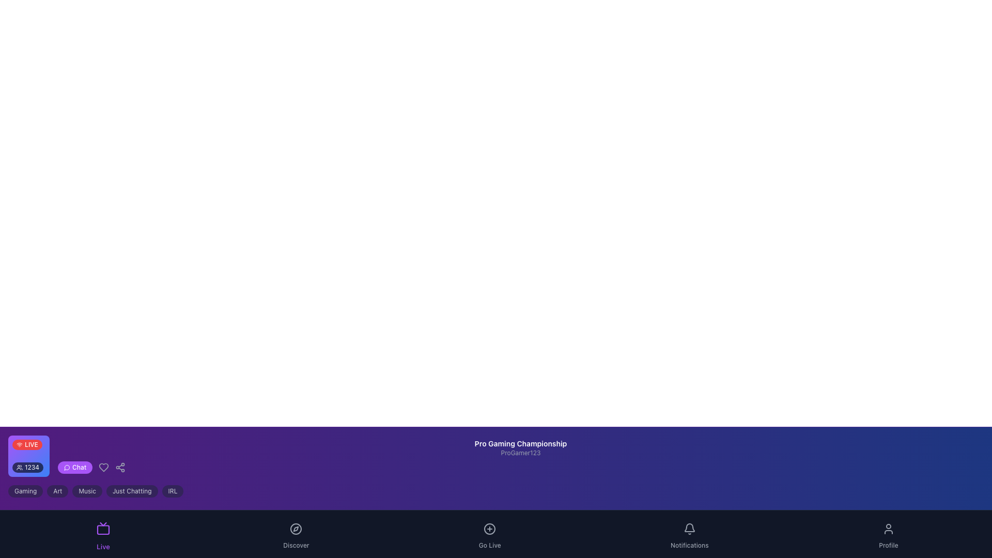 The image size is (992, 558). I want to click on the red badge labeled 'LIVE' with a WiFi icon on the left, located in the top-left corner of the blue rectangular section, so click(31, 444).